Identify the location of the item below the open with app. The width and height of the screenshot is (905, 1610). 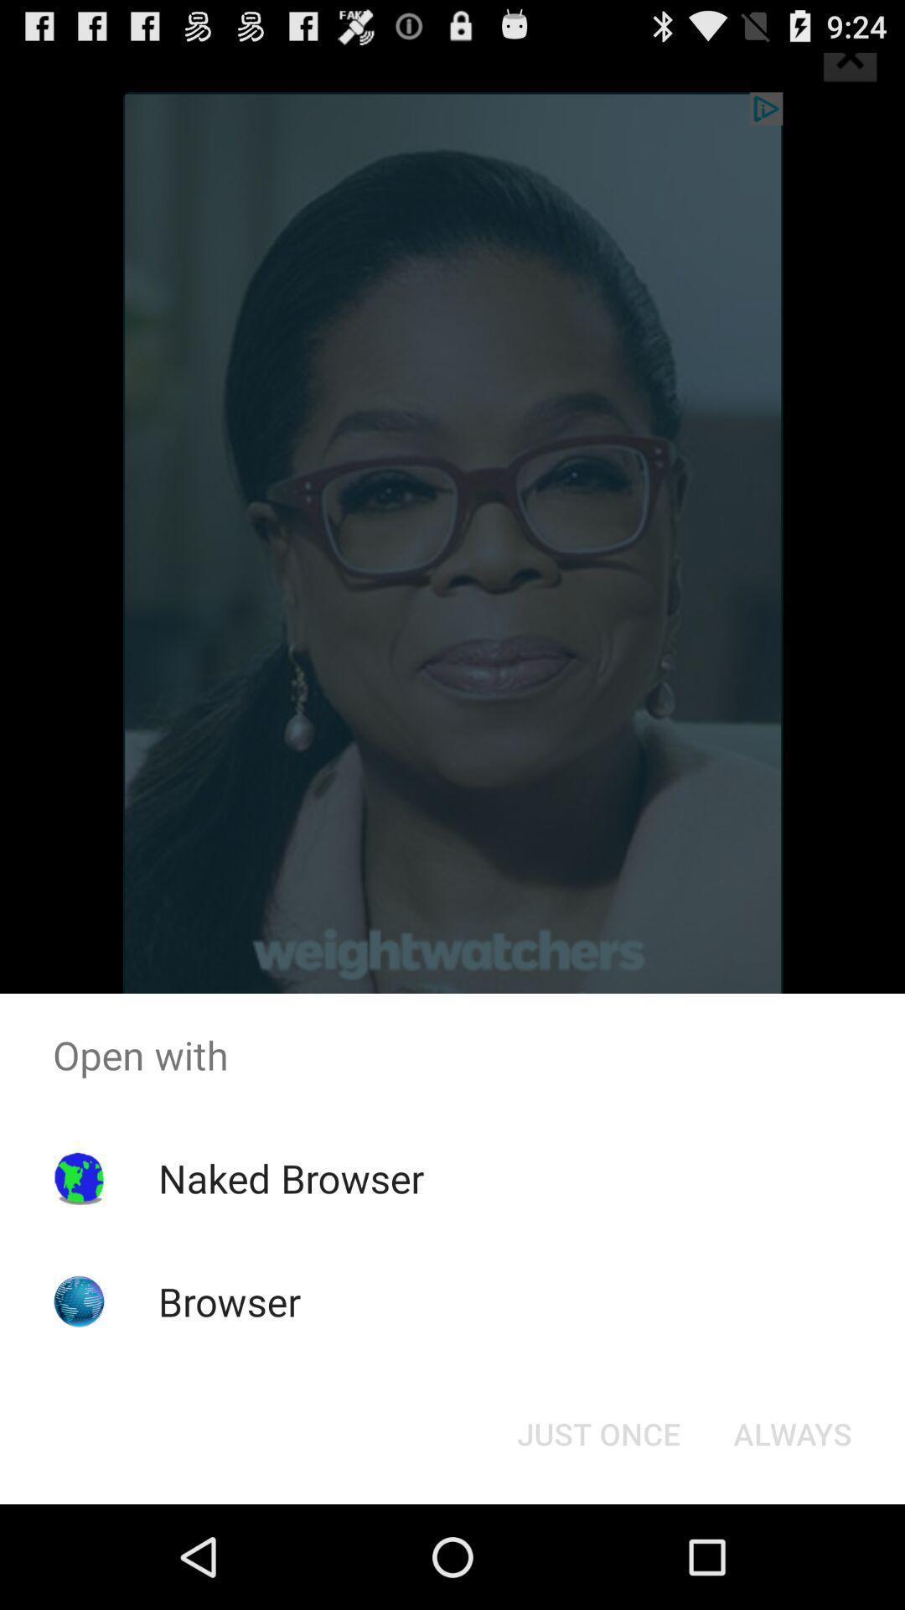
(792, 1432).